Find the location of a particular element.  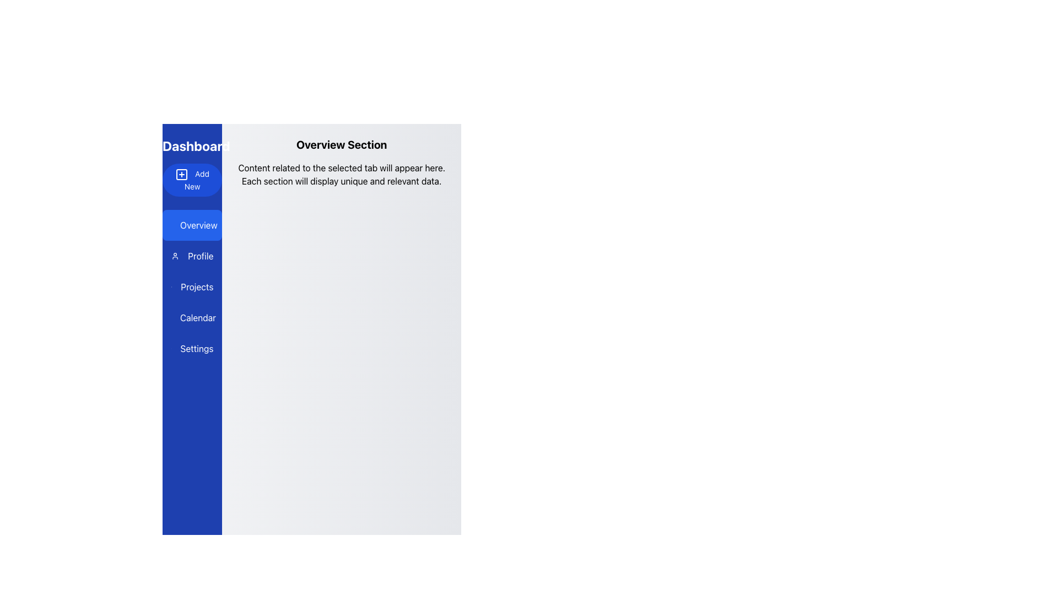

the first button in the vertical navigation menu on the left sidebar is located at coordinates (192, 224).